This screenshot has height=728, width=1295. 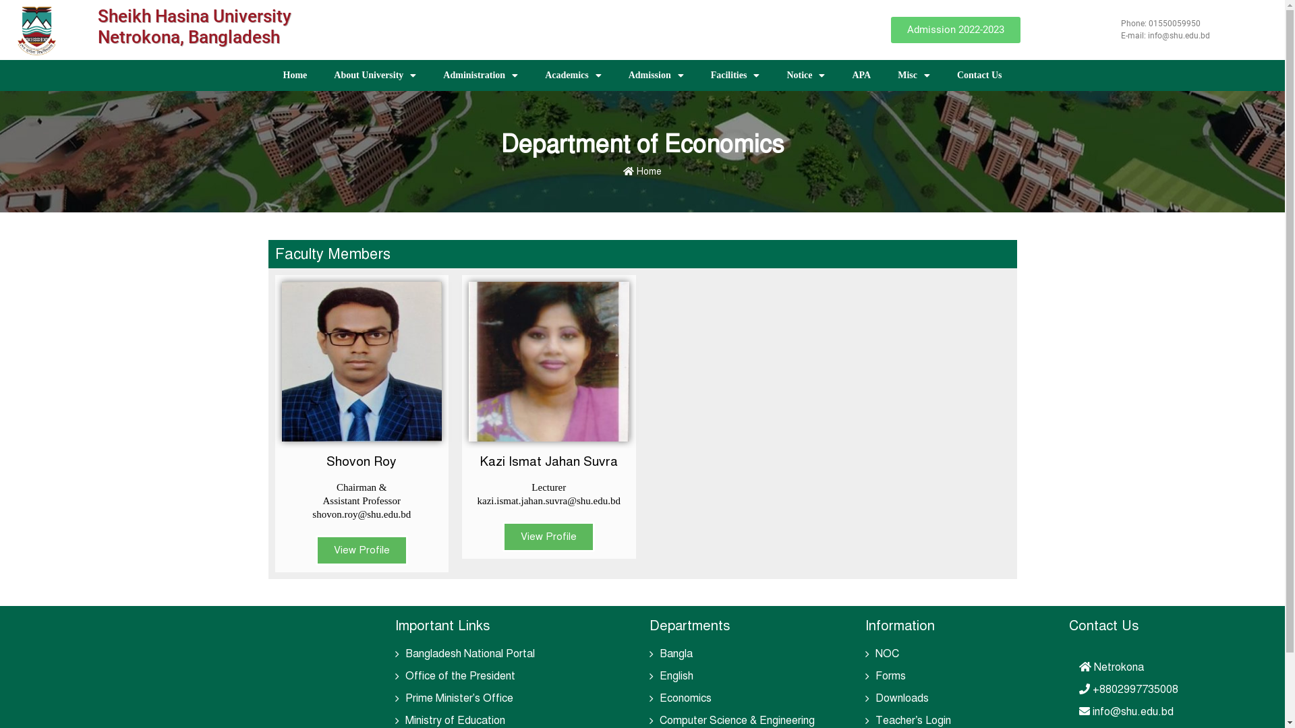 What do you see at coordinates (805, 75) in the screenshot?
I see `'Notice'` at bounding box center [805, 75].